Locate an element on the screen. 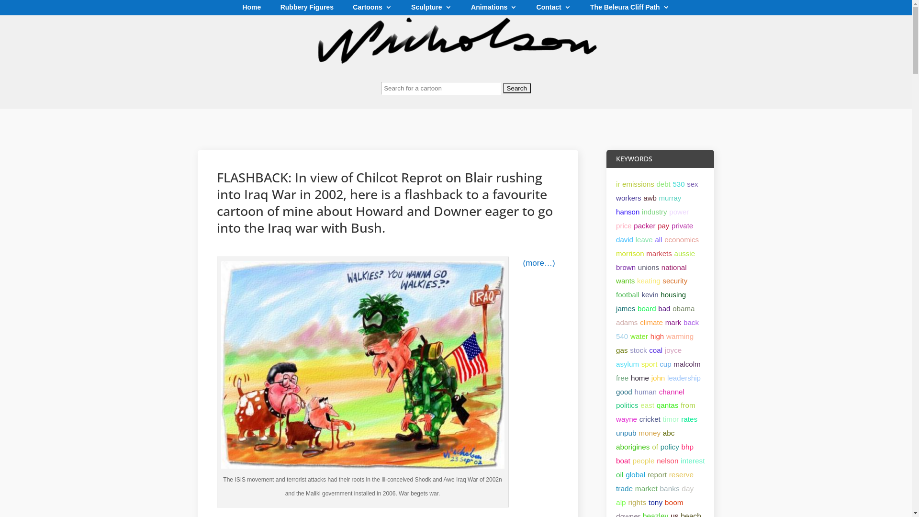 This screenshot has height=517, width=919. 'board' is located at coordinates (647, 308).